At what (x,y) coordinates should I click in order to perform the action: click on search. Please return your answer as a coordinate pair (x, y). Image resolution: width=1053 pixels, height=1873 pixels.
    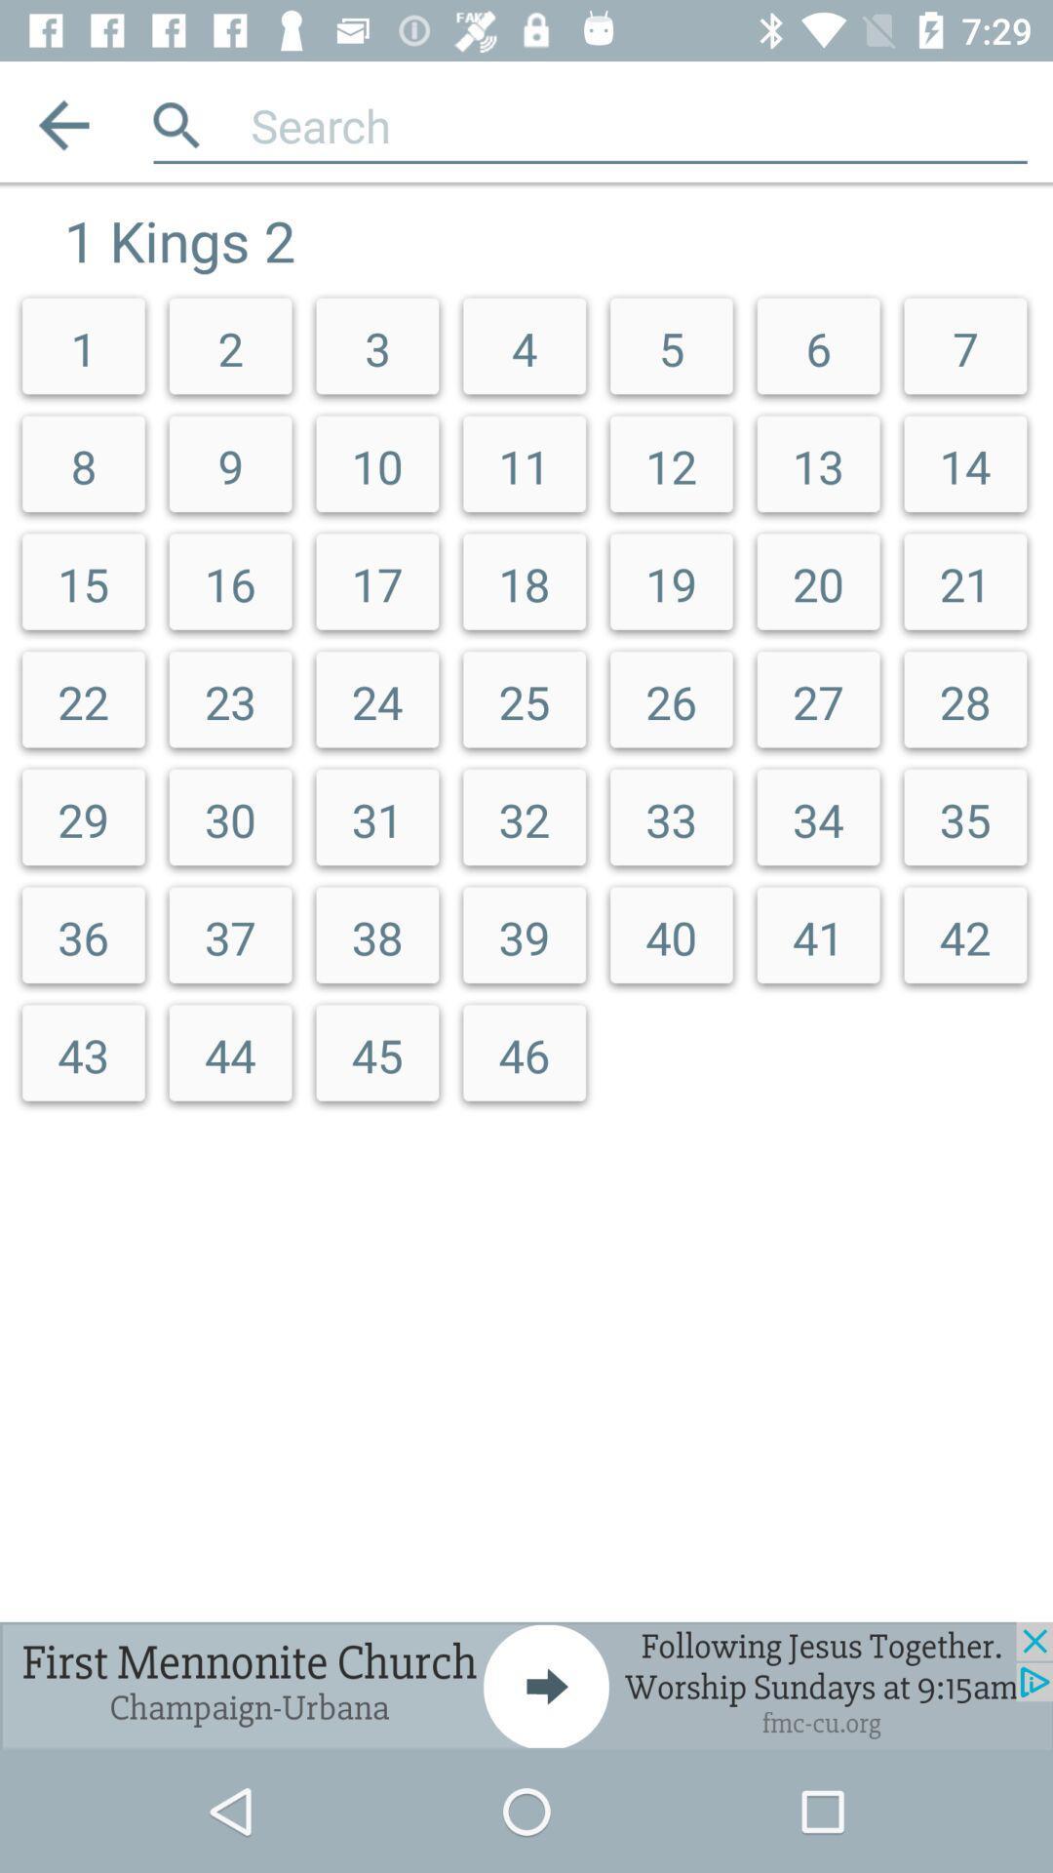
    Looking at the image, I should click on (639, 124).